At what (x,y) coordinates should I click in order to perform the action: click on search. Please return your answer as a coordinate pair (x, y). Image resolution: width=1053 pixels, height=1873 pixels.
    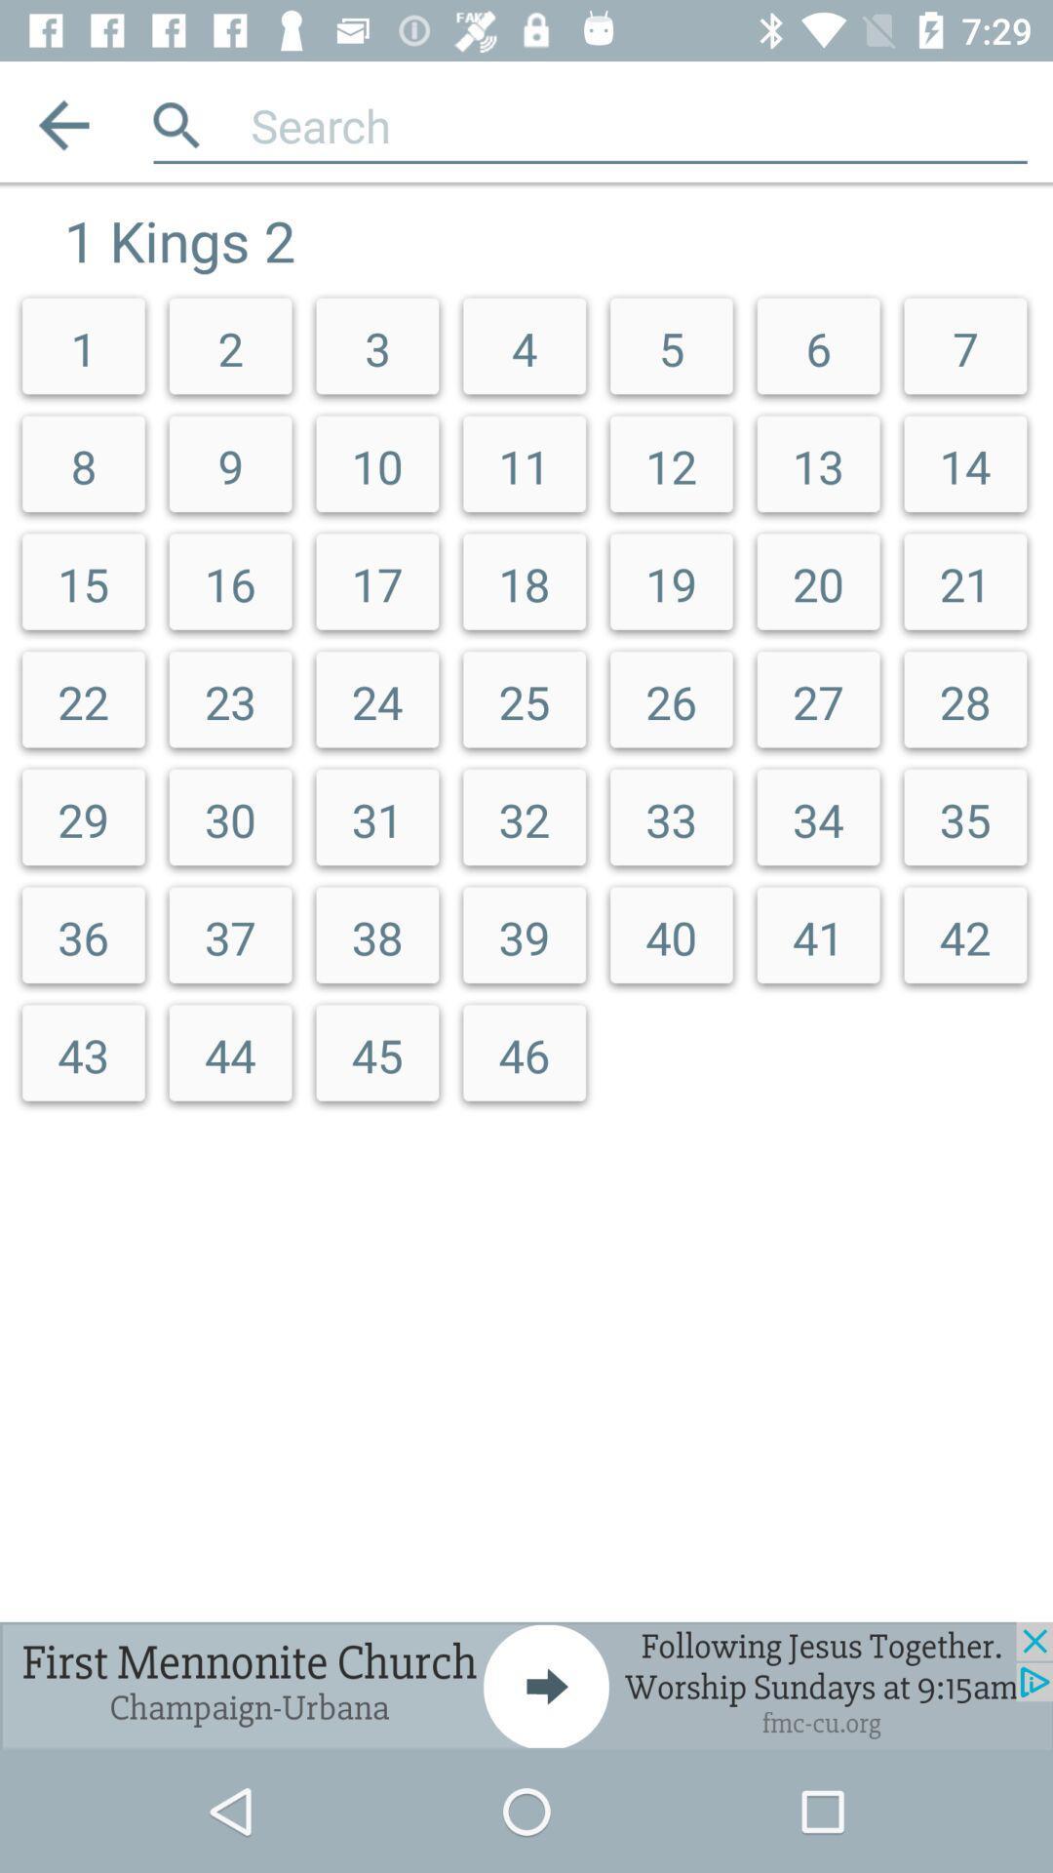
    Looking at the image, I should click on (639, 124).